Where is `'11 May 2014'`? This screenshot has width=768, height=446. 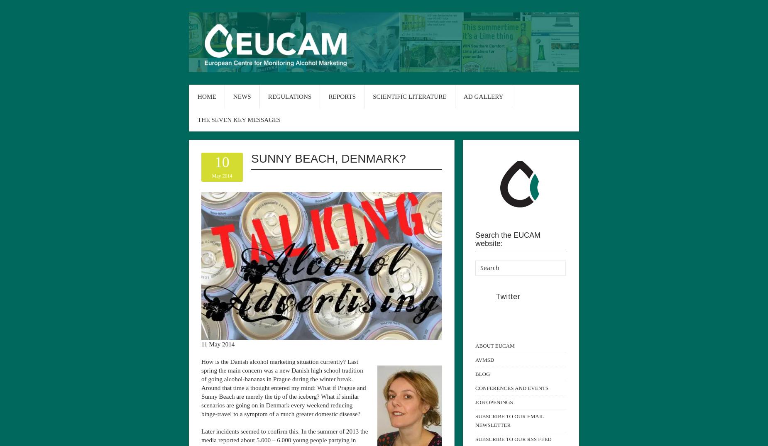 '11 May 2014' is located at coordinates (201, 343).